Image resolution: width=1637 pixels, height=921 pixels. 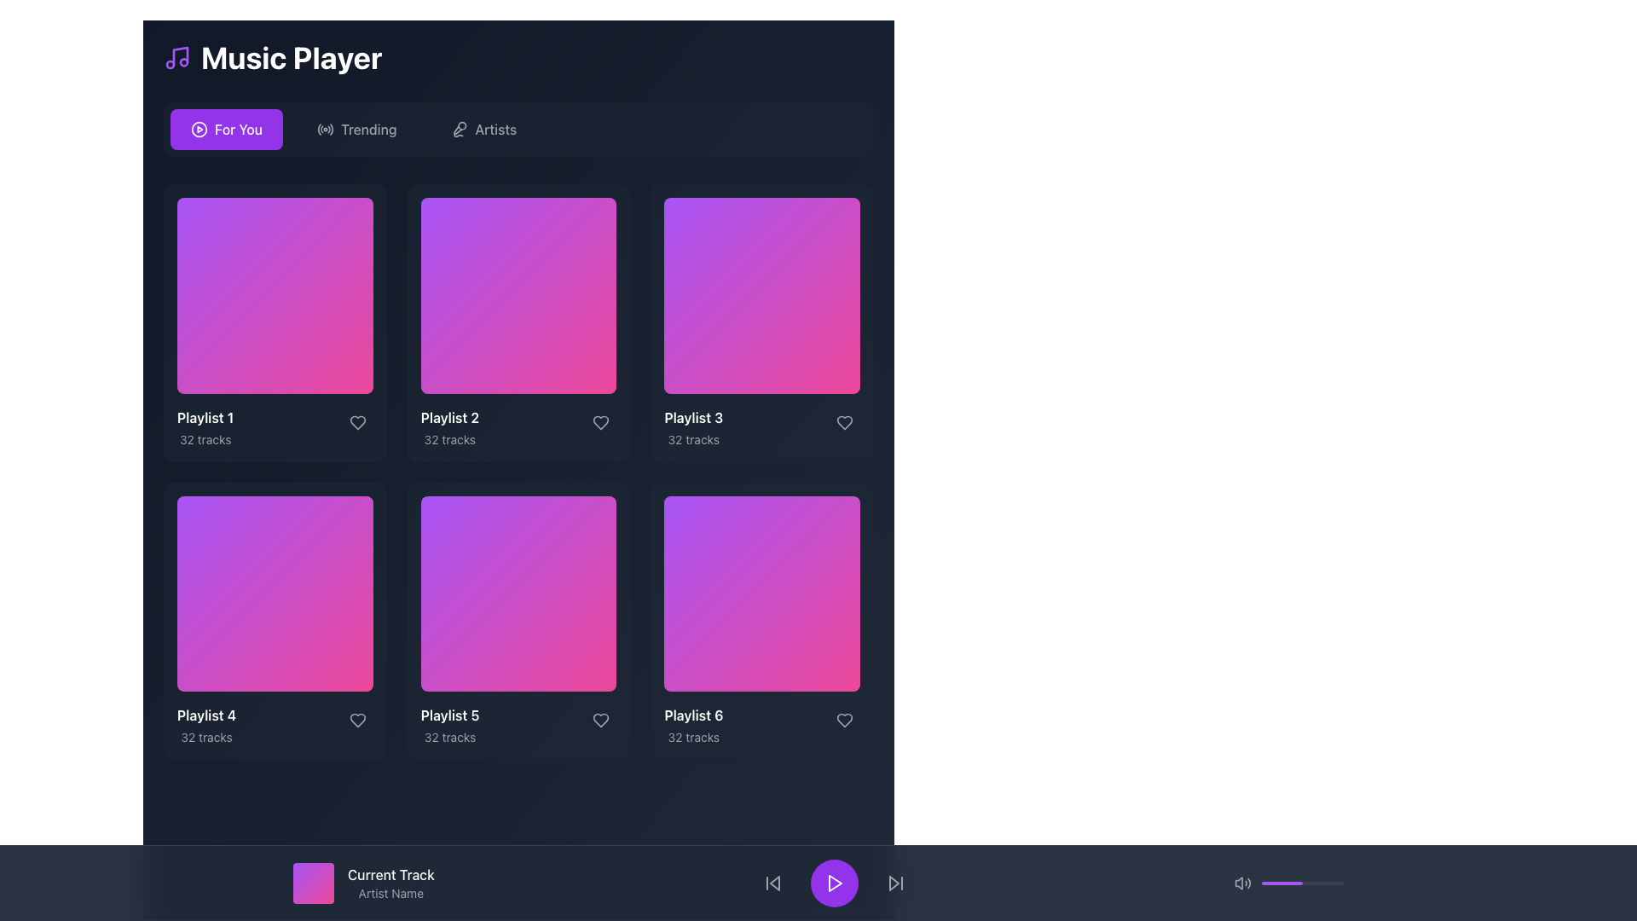 What do you see at coordinates (601, 721) in the screenshot?
I see `the heart icon button located to the right of the 'Playlist 5' label in the fifth card of the playlist grid` at bounding box center [601, 721].